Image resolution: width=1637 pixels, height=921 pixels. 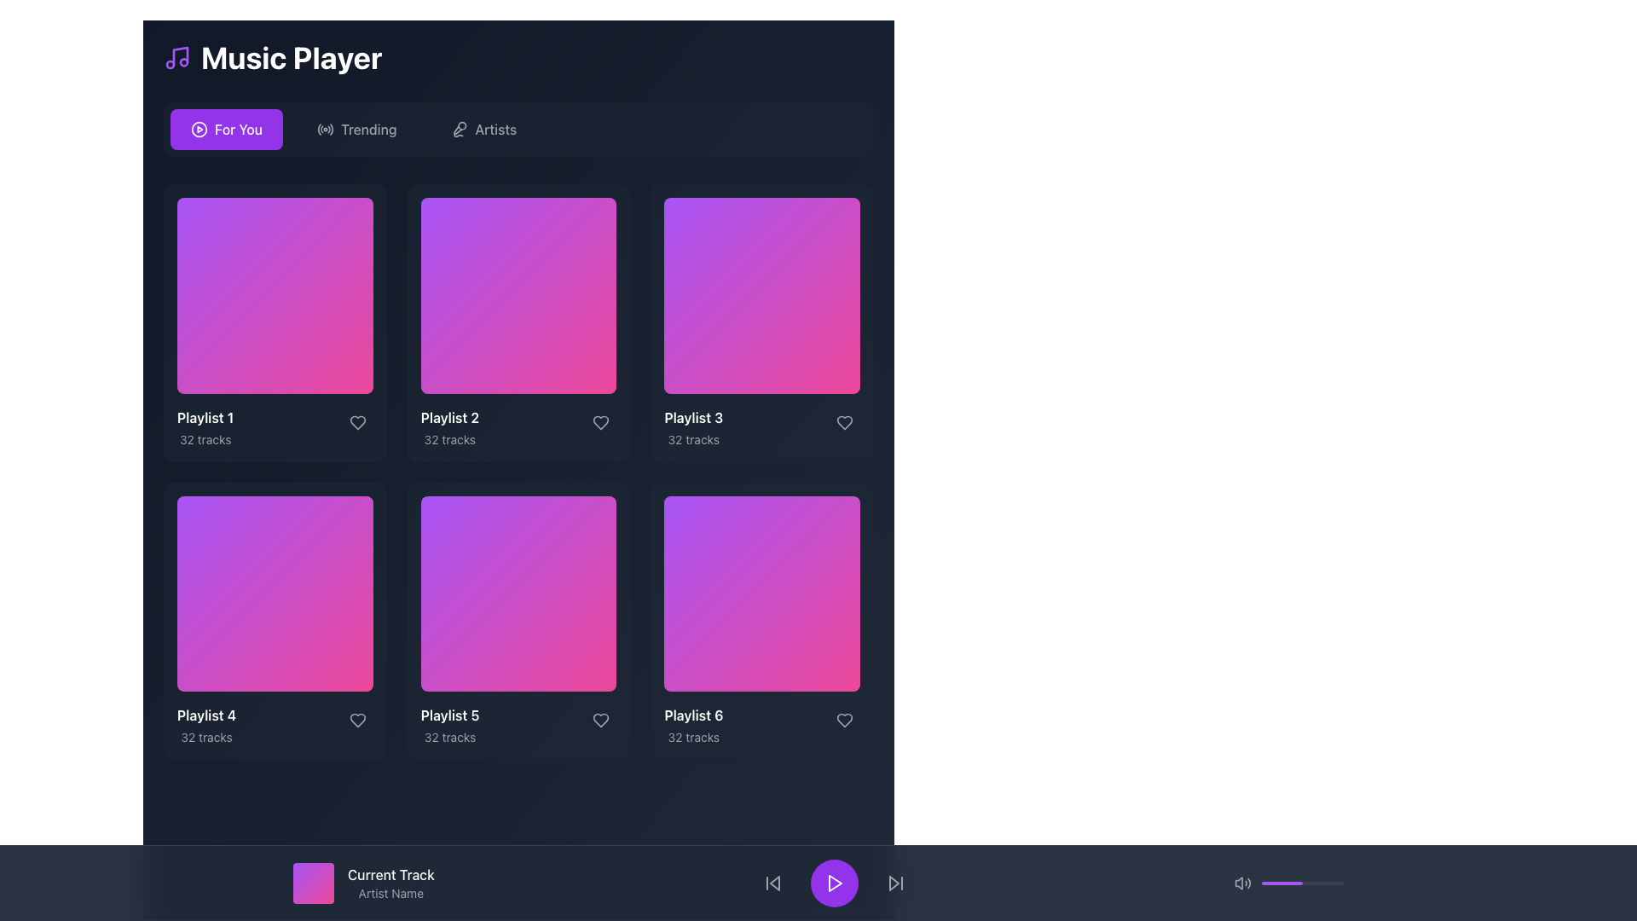 What do you see at coordinates (601, 721) in the screenshot?
I see `the heart icon button located to the right of the 'Playlist 5' label in the fifth card of the playlist grid` at bounding box center [601, 721].